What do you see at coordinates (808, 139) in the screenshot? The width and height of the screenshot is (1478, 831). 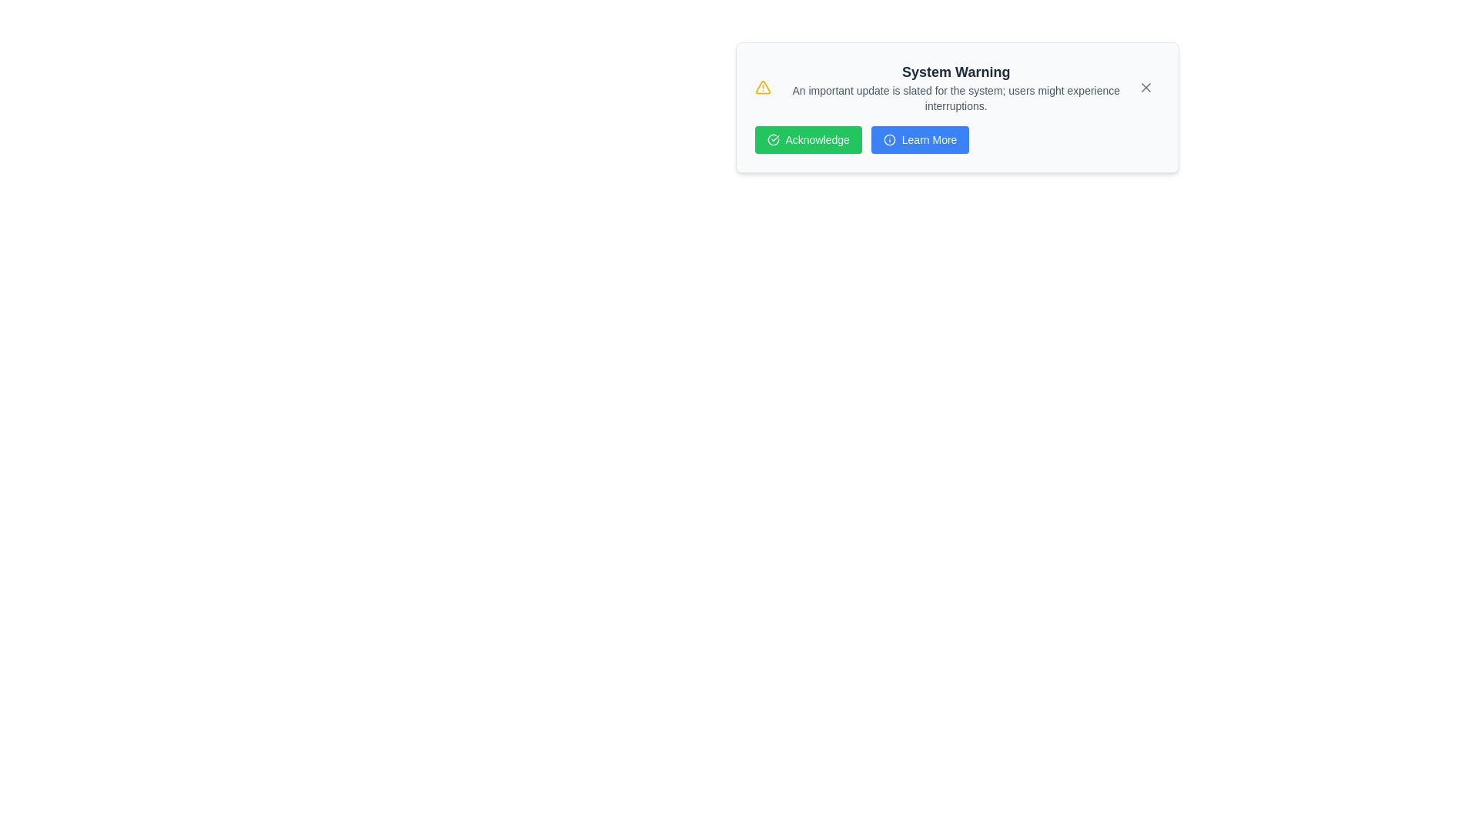 I see `the confirmation button located to the left of the 'Learn More' button, which acknowledges the warning information above` at bounding box center [808, 139].